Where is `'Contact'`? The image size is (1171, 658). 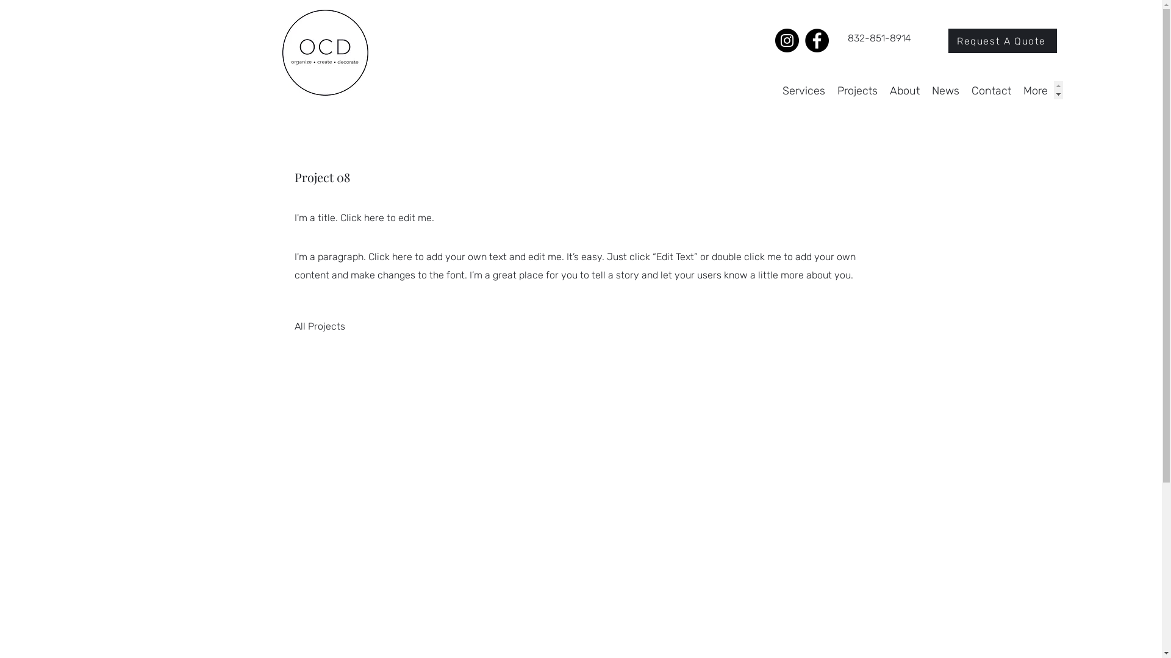
'Contact' is located at coordinates (965, 89).